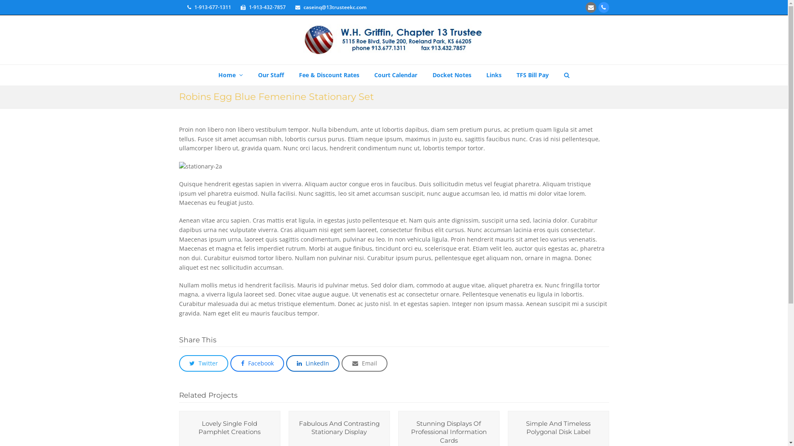 This screenshot has height=446, width=794. Describe the element at coordinates (603, 7) in the screenshot. I see `'Phone'` at that location.